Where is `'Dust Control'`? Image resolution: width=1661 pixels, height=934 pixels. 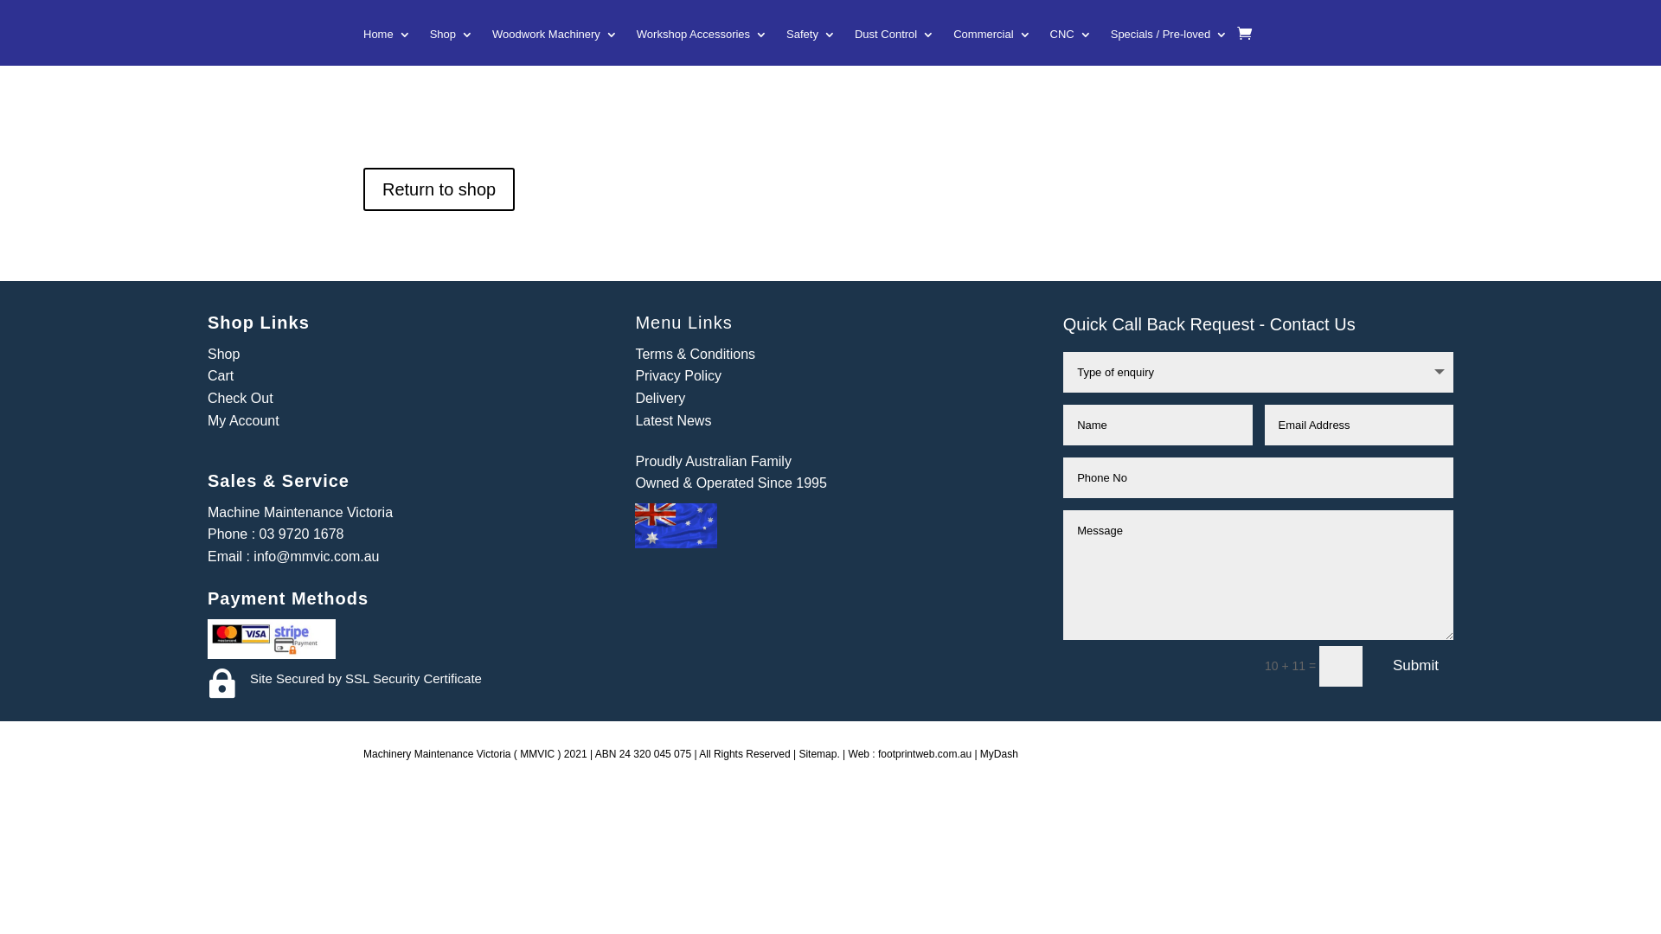 'Dust Control' is located at coordinates (894, 46).